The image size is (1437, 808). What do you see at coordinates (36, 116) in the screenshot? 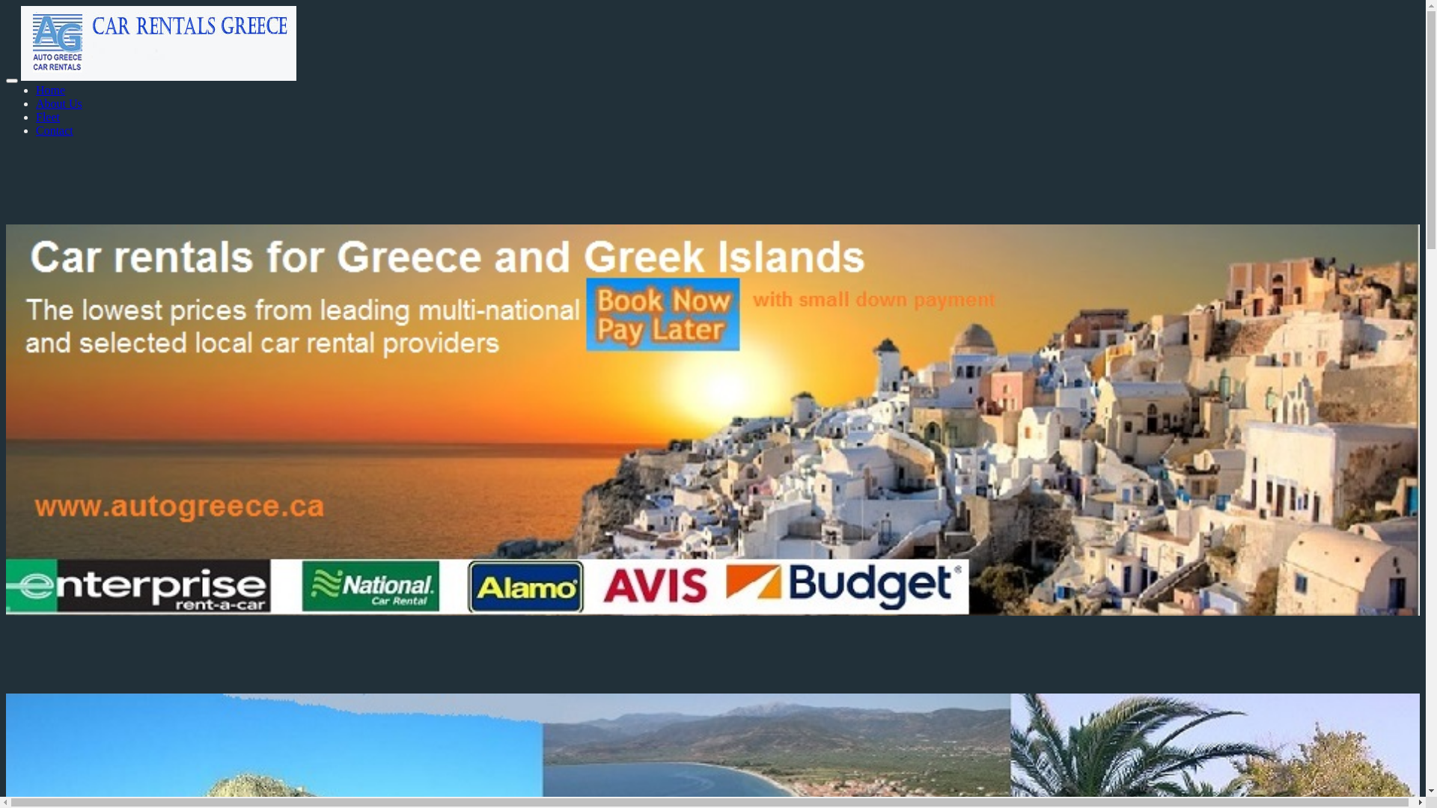
I see `'Fleet'` at bounding box center [36, 116].